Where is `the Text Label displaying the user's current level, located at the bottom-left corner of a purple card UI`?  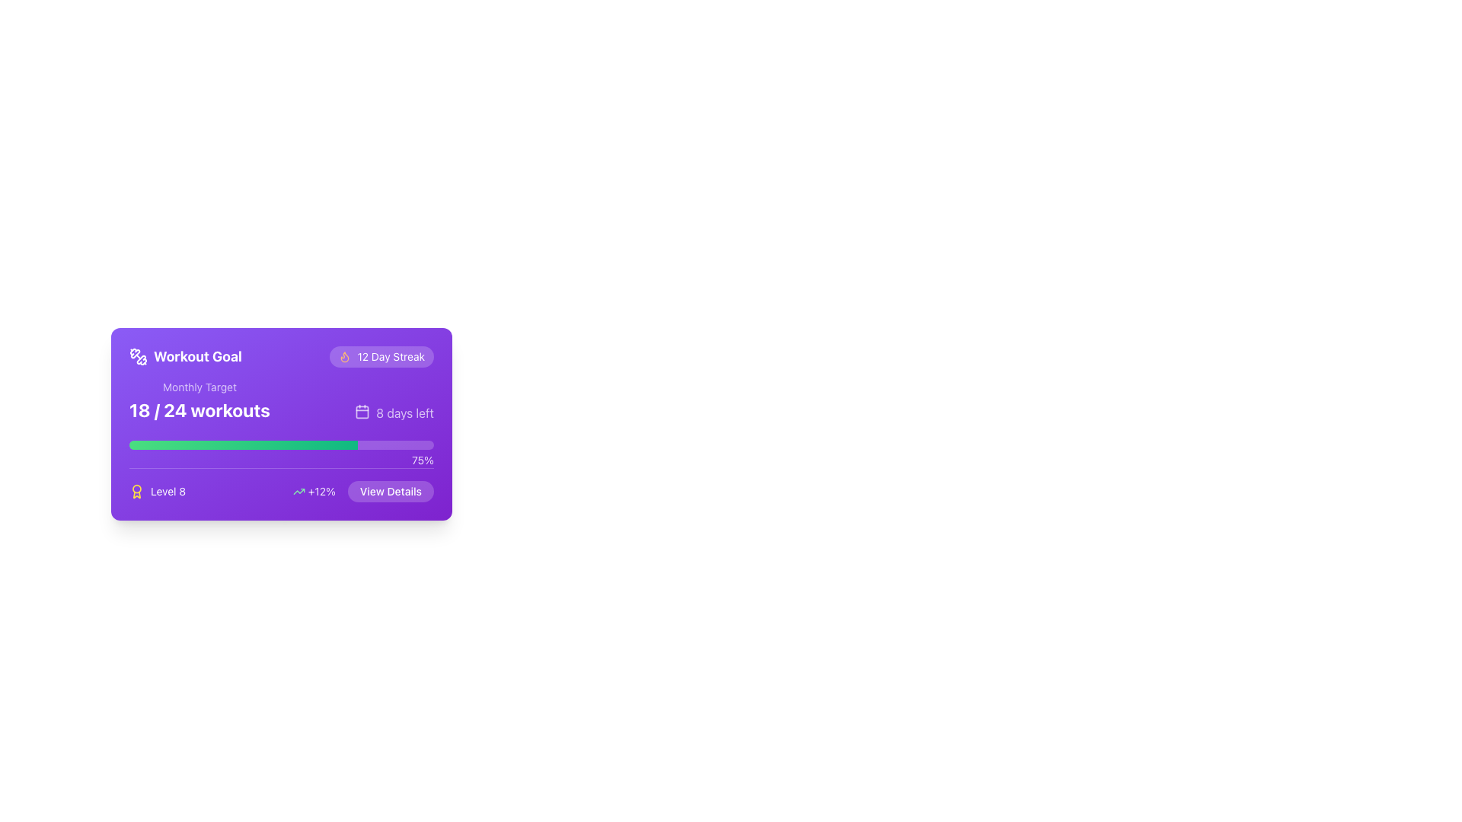
the Text Label displaying the user's current level, located at the bottom-left corner of a purple card UI is located at coordinates (168, 491).